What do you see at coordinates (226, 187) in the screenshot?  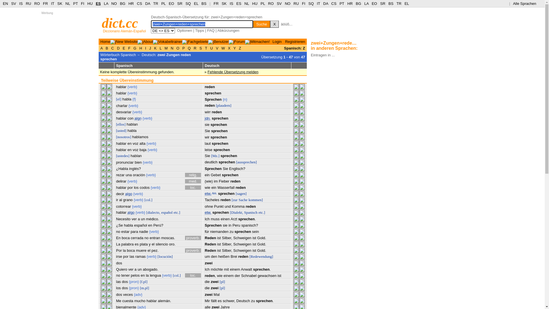 I see `'Wasserfall'` at bounding box center [226, 187].